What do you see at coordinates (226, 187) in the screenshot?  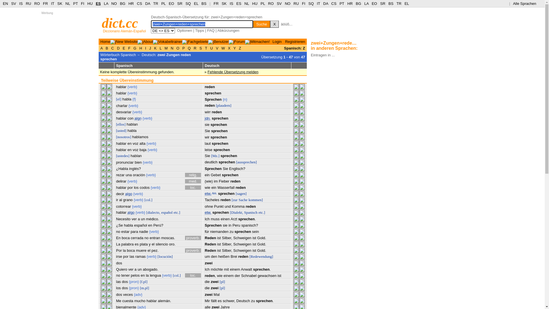 I see `'Wasserfall'` at bounding box center [226, 187].